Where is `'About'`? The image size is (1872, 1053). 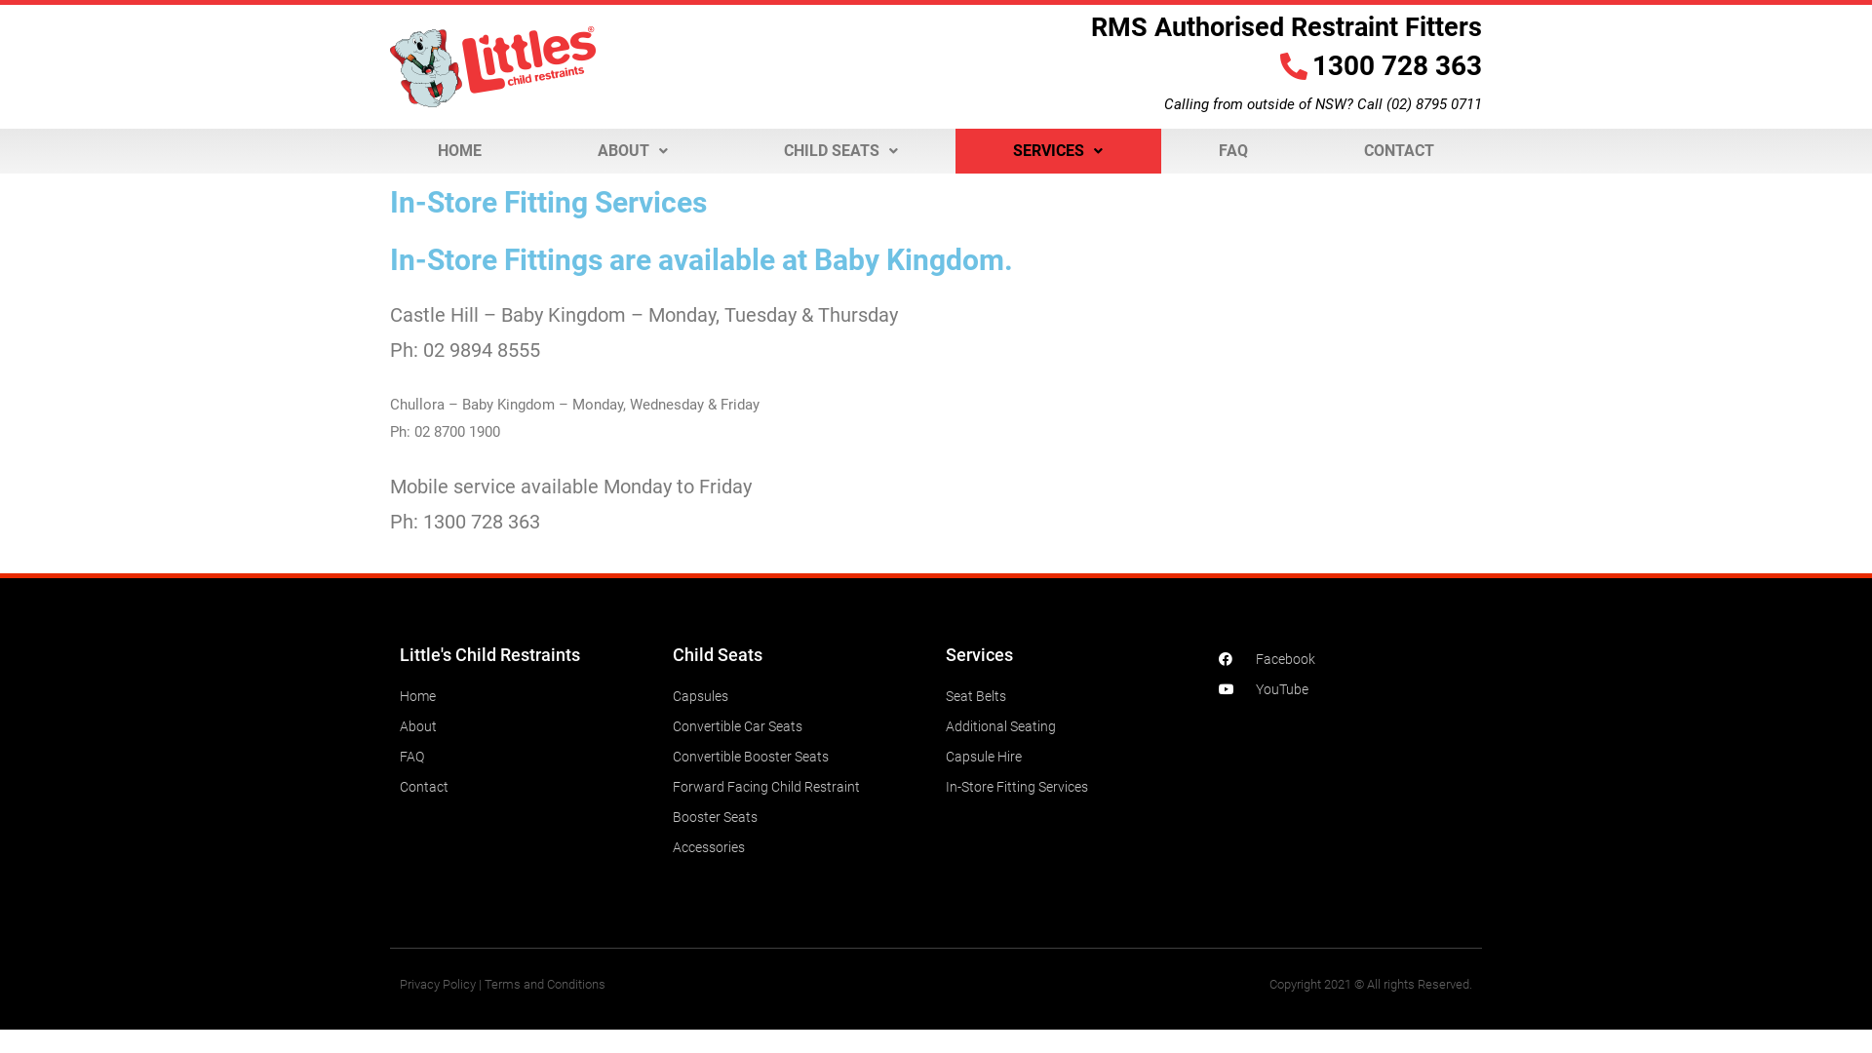 'About' is located at coordinates (398, 725).